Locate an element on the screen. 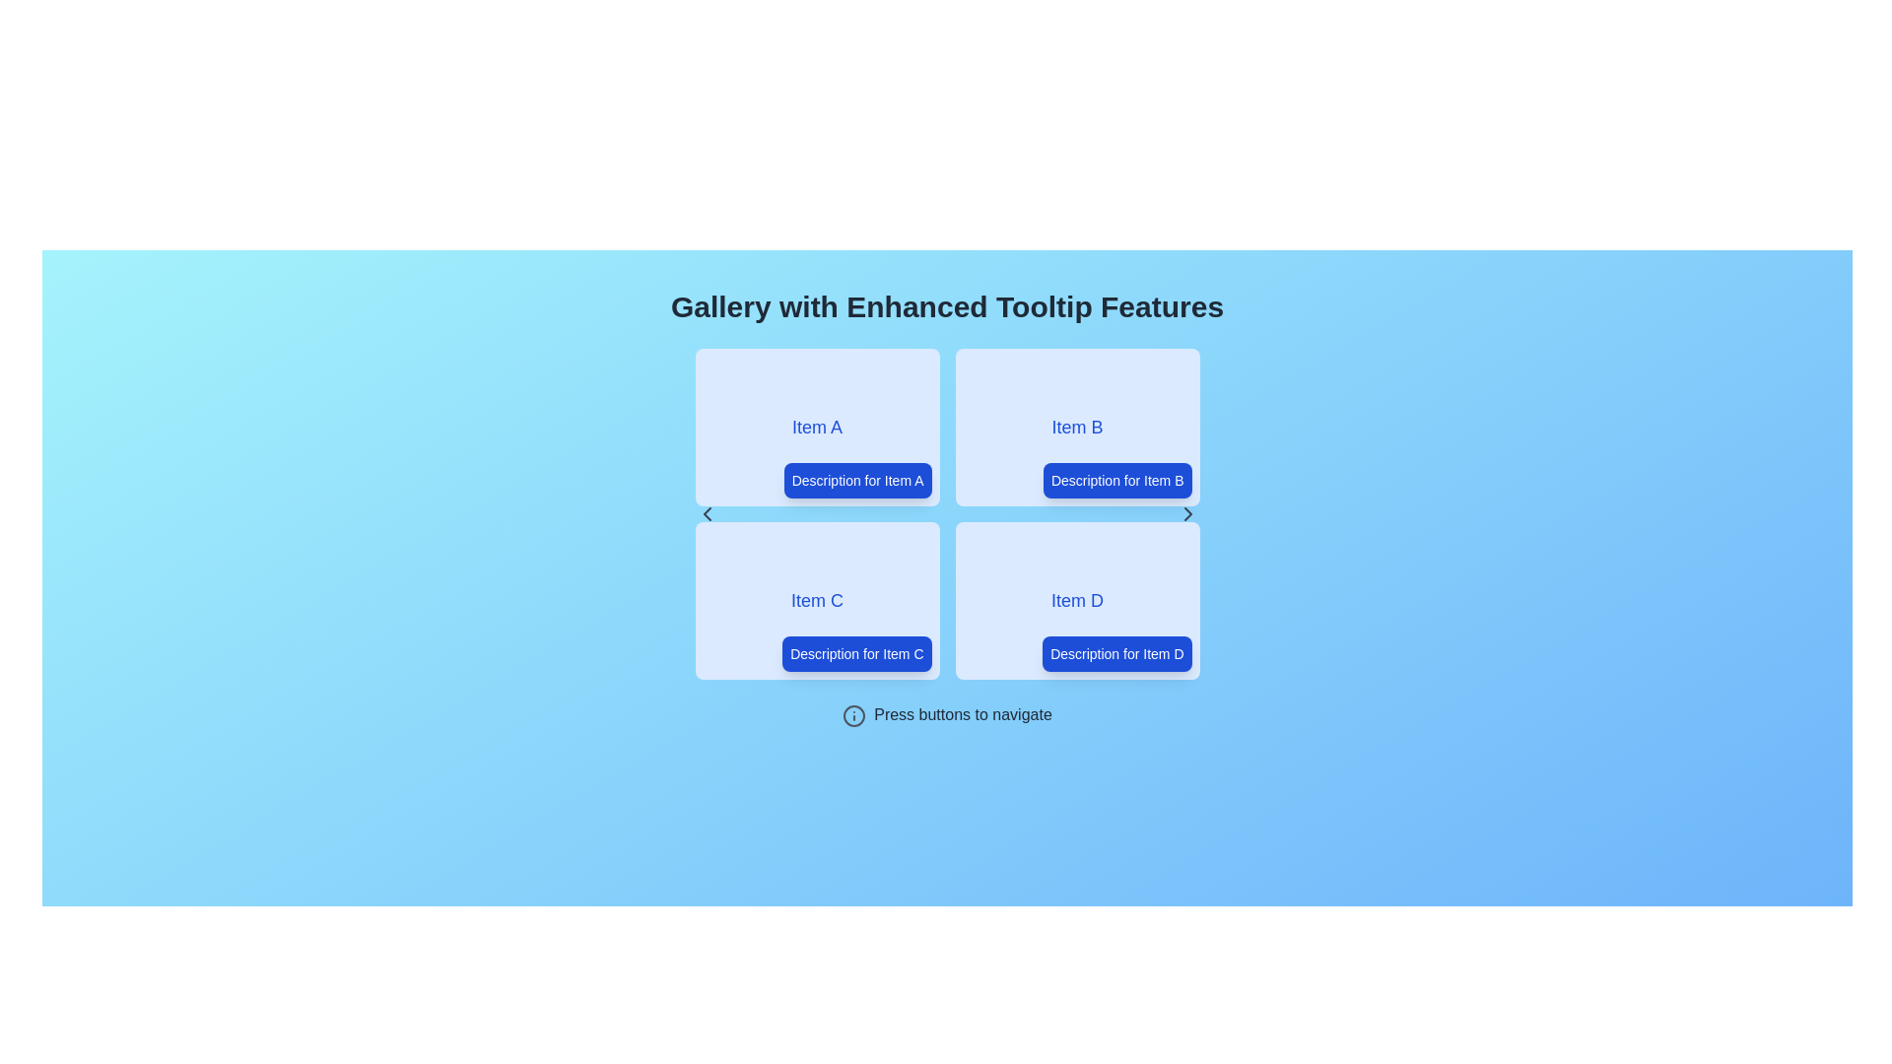 The image size is (1892, 1064). the instructional label that provides guidance for users to utilize the navigation buttons, located beneath the grouped items and above the navigational arrows is located at coordinates (947, 715).